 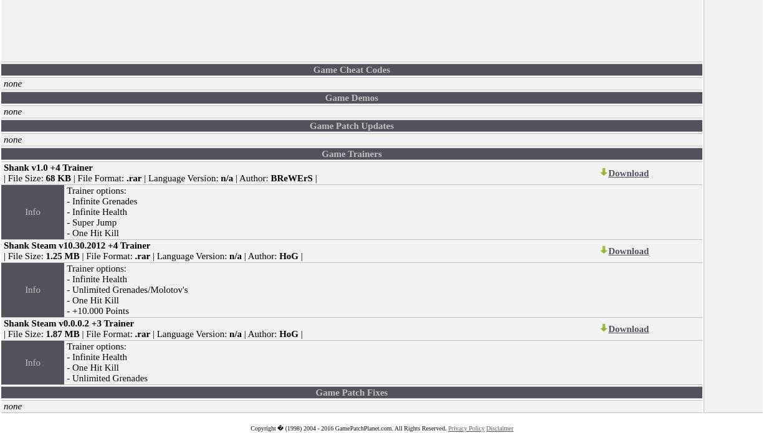 What do you see at coordinates (4, 244) in the screenshot?
I see `'Shank Steam v10.30.2012 +4 Trainer'` at bounding box center [4, 244].